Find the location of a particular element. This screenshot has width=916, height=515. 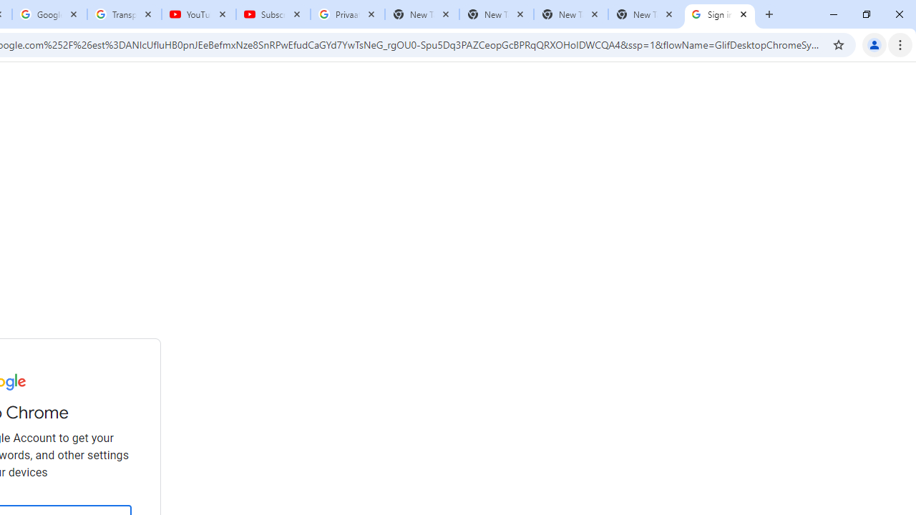

'Google Account' is located at coordinates (49, 14).